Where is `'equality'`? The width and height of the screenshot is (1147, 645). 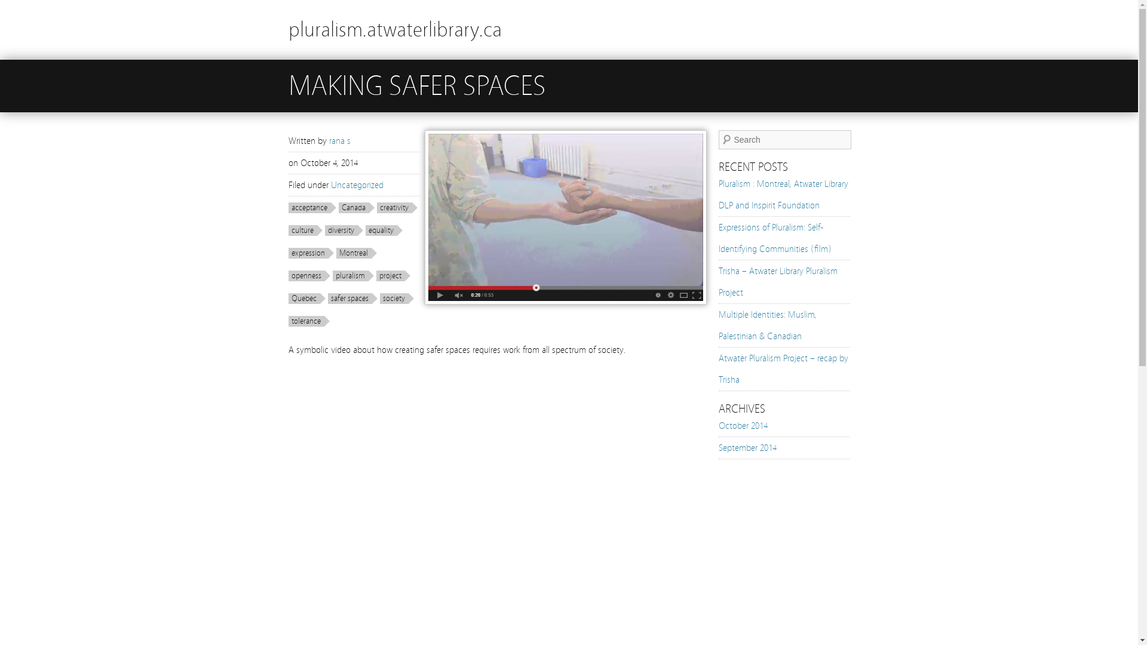 'equality' is located at coordinates (384, 230).